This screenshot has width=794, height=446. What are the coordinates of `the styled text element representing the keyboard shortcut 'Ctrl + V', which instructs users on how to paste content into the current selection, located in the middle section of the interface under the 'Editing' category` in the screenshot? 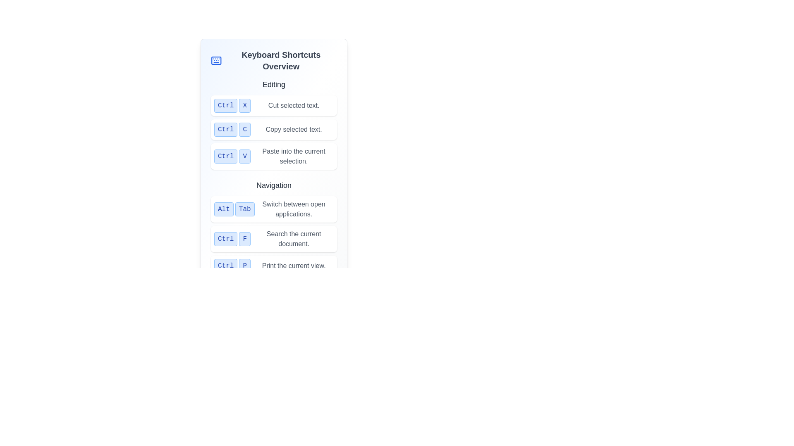 It's located at (234, 156).